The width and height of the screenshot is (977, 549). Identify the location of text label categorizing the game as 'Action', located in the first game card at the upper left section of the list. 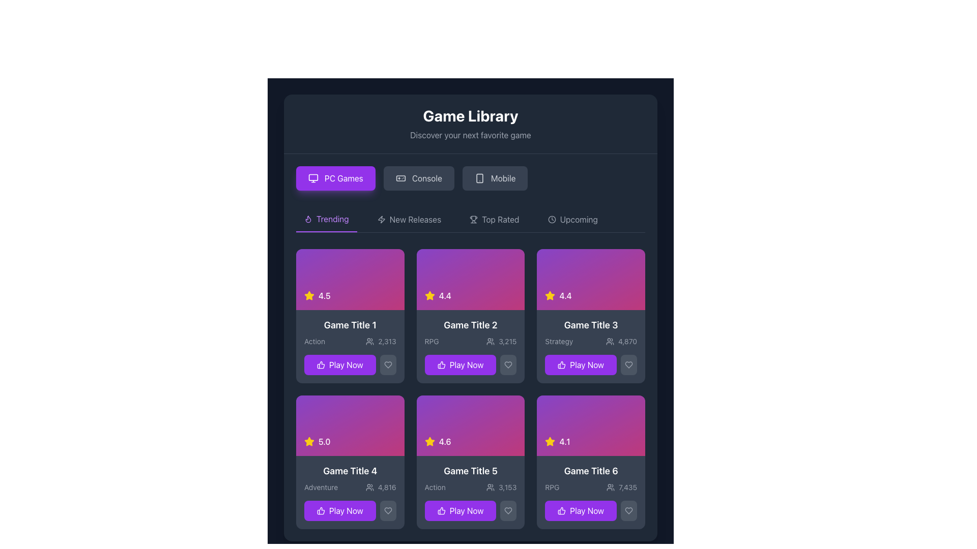
(314, 341).